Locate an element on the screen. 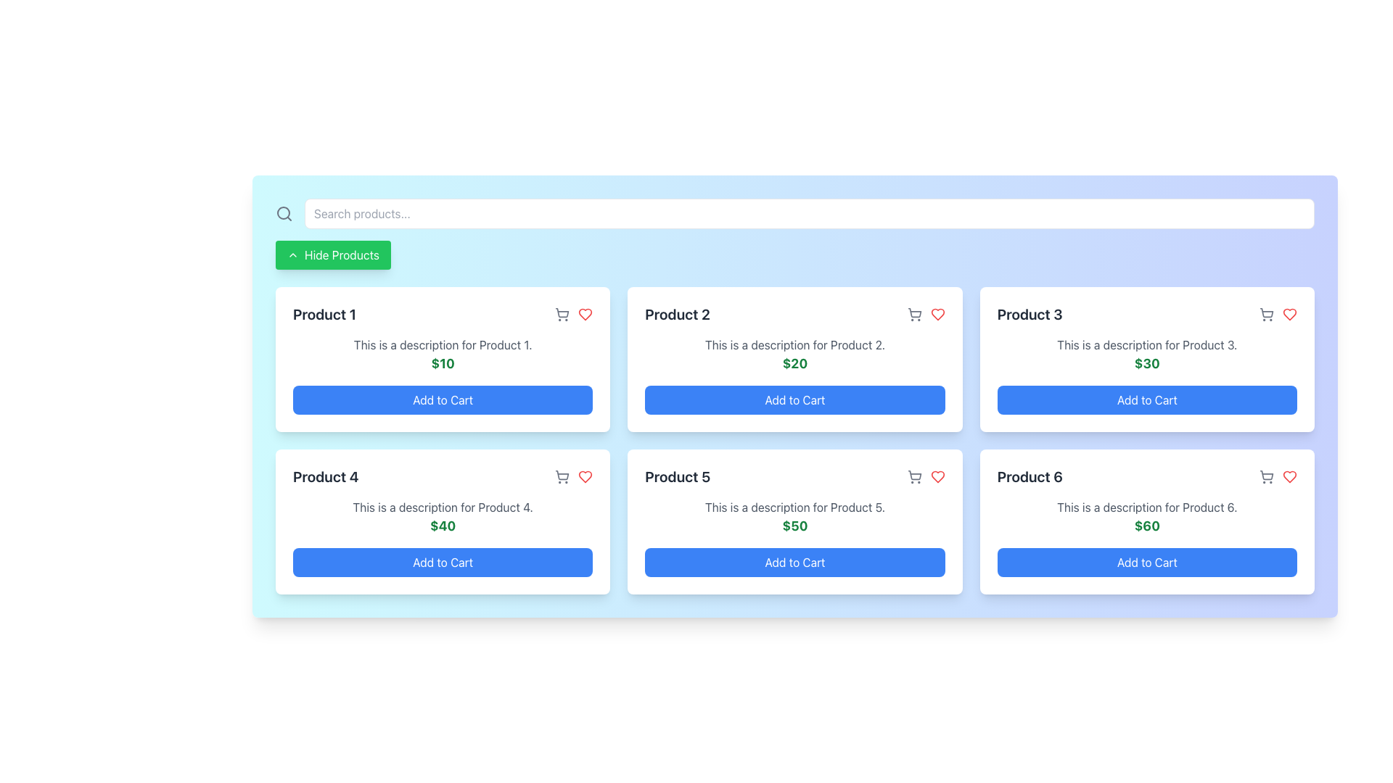 The height and width of the screenshot is (783, 1393). the text label providing additional details for 'Product 3', located below the product title and above the price and 'Add to Cart' button is located at coordinates (1146, 344).